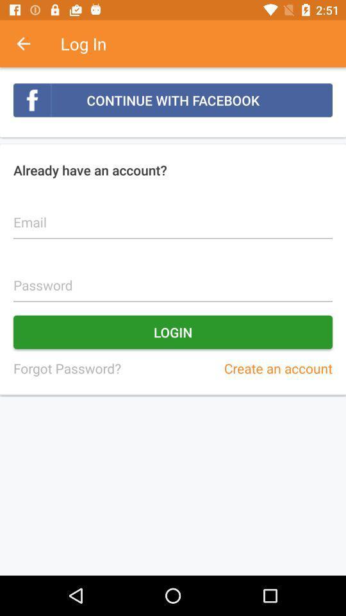 The image size is (346, 616). What do you see at coordinates (173, 331) in the screenshot?
I see `login item` at bounding box center [173, 331].